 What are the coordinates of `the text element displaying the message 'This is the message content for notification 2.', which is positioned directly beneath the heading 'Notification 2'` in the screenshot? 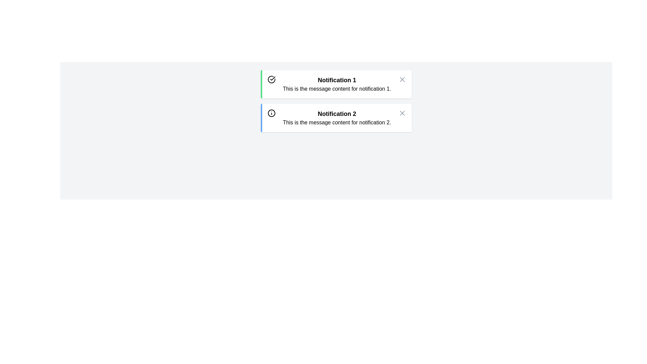 It's located at (337, 122).